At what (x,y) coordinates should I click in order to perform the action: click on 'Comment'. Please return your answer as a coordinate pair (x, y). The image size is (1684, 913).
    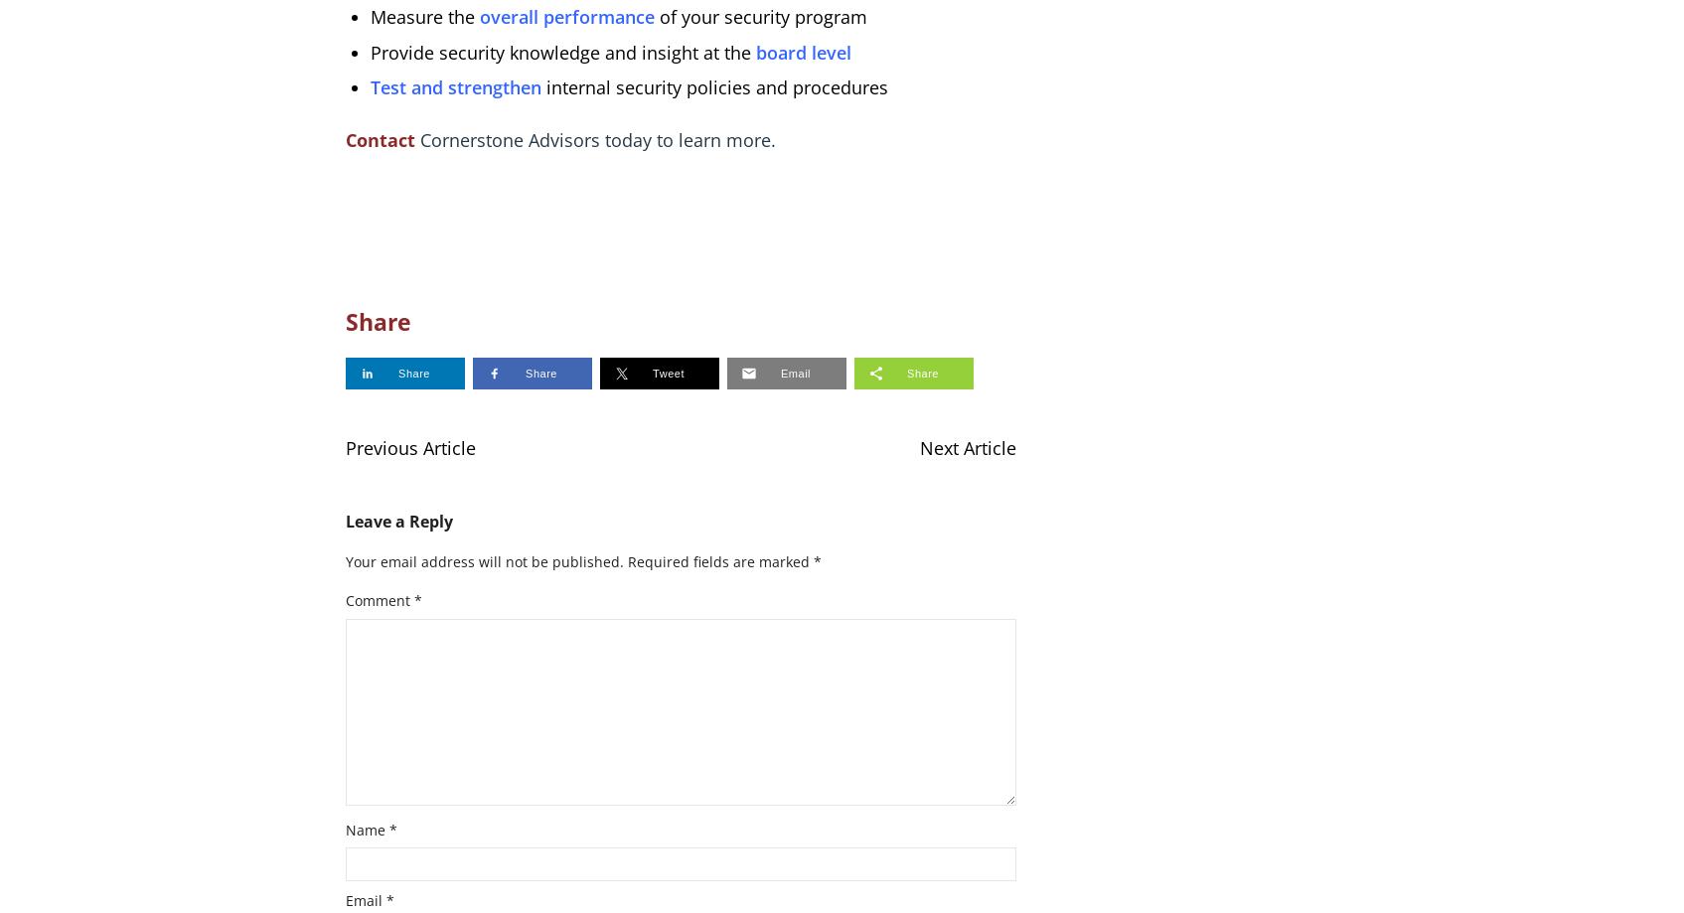
    Looking at the image, I should click on (378, 599).